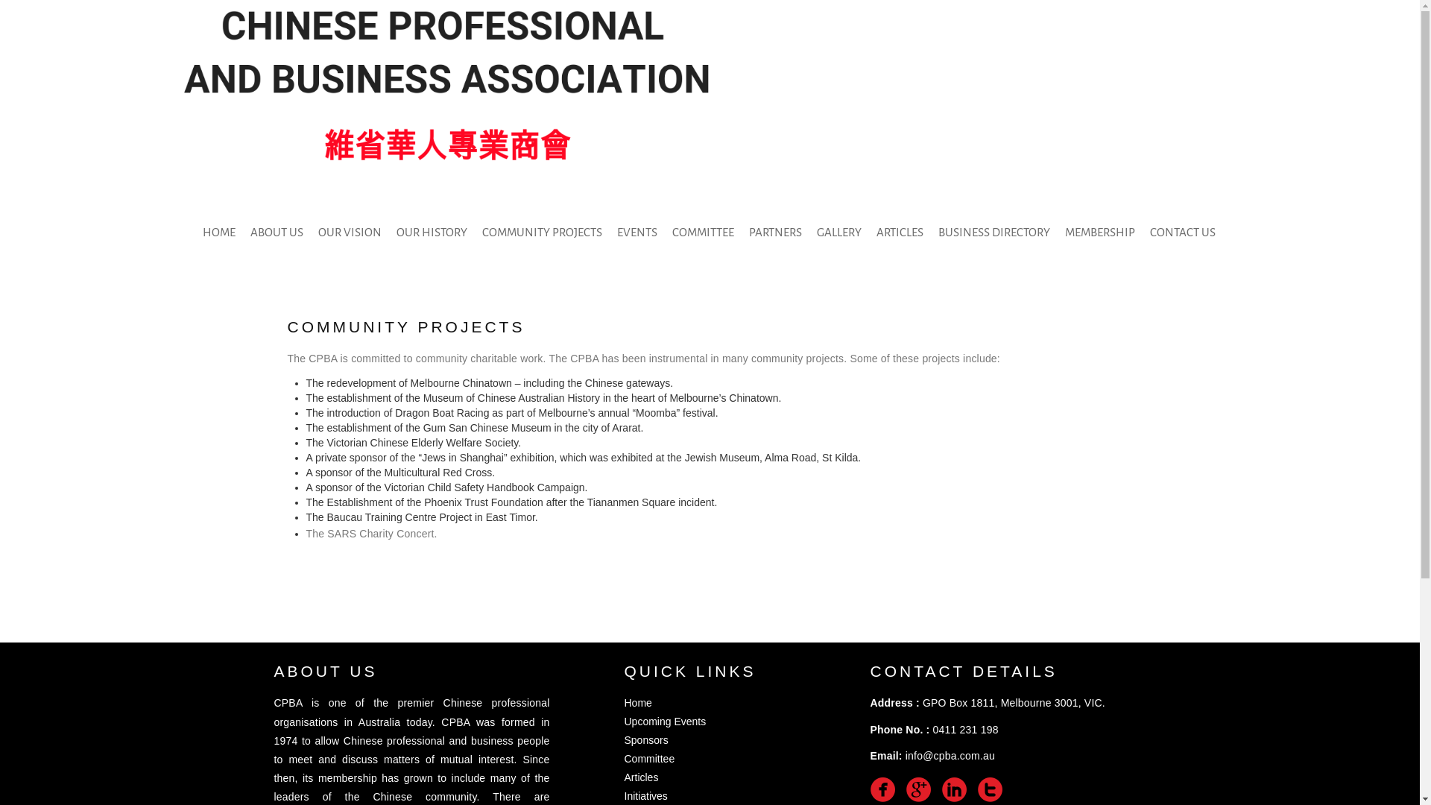 The height and width of the screenshot is (805, 1431). Describe the element at coordinates (349, 233) in the screenshot. I see `'OUR VISION'` at that location.